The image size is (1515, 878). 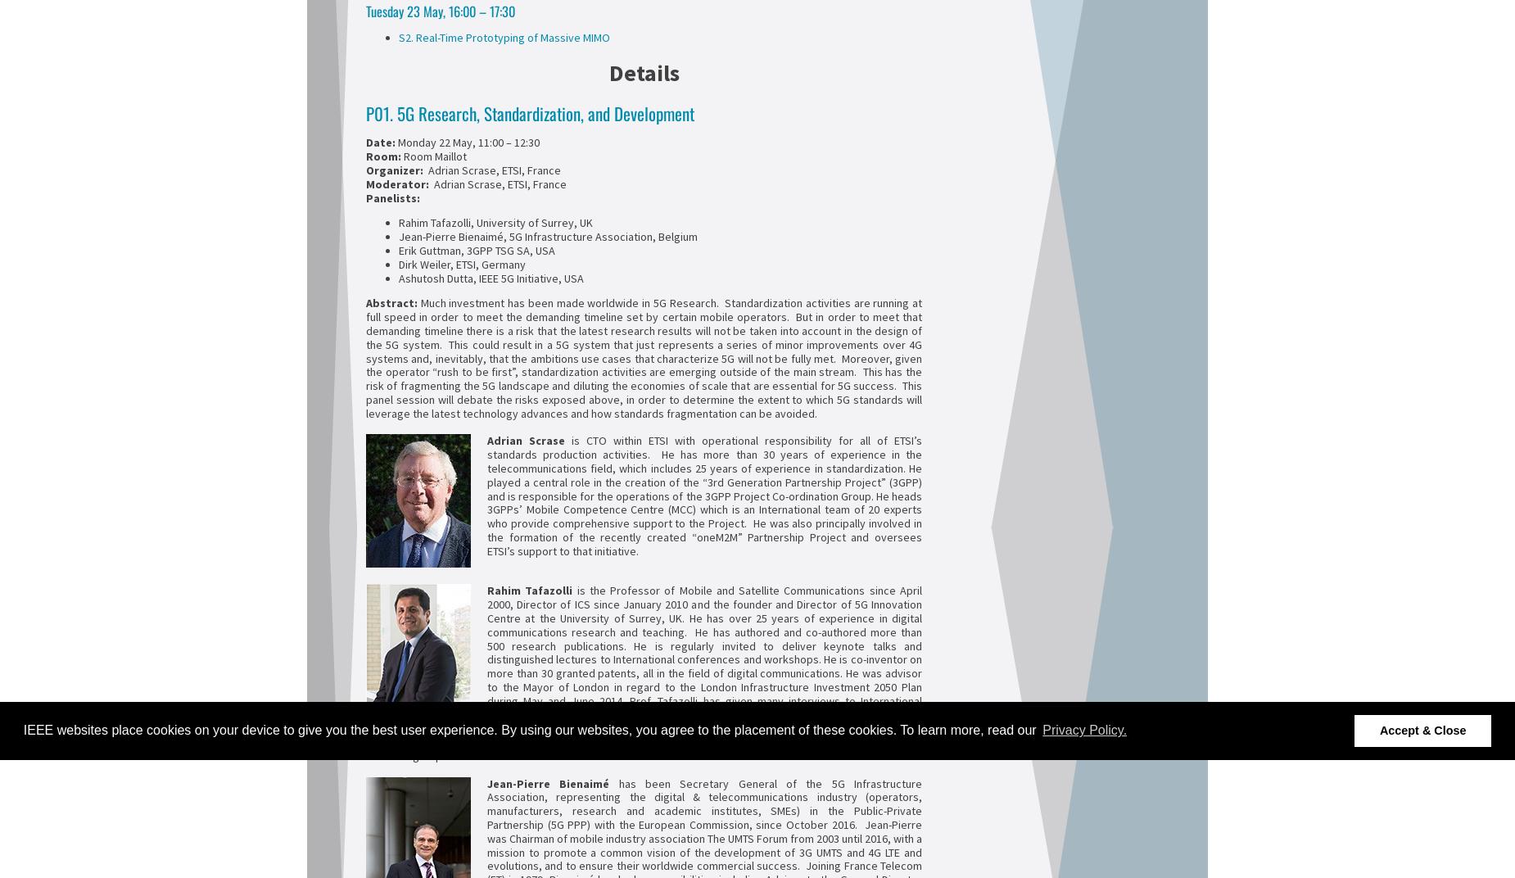 What do you see at coordinates (530, 111) in the screenshot?
I see `'P01. 5G Research, Standardization, and Development'` at bounding box center [530, 111].